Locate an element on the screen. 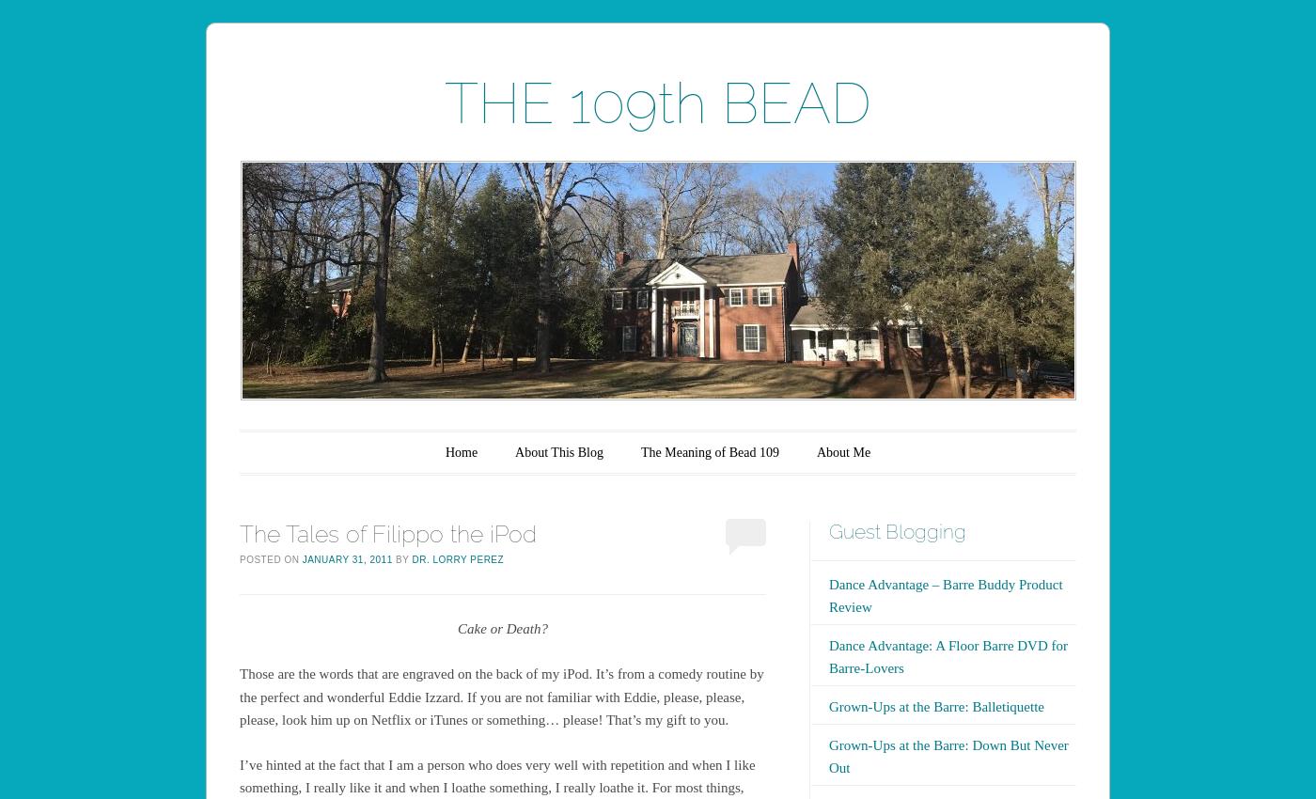  'Grown-Ups at the Barre: Down But Never Out' is located at coordinates (948, 755).